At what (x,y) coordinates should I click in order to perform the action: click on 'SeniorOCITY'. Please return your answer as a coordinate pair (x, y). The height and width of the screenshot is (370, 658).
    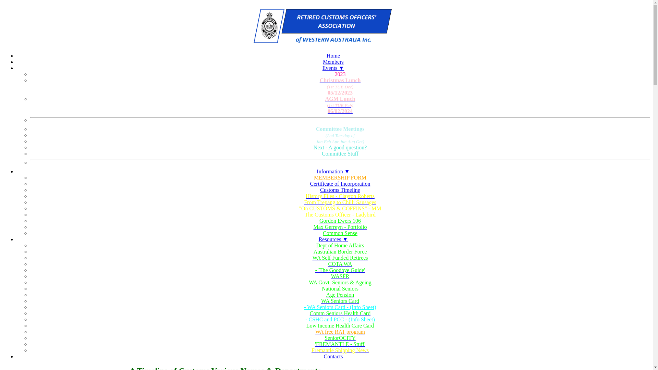
    Looking at the image, I should click on (340, 338).